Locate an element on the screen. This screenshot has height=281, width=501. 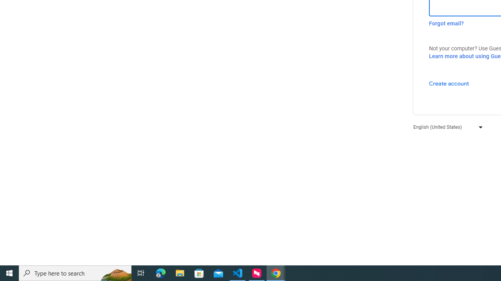
'English (United States)' is located at coordinates (446, 126).